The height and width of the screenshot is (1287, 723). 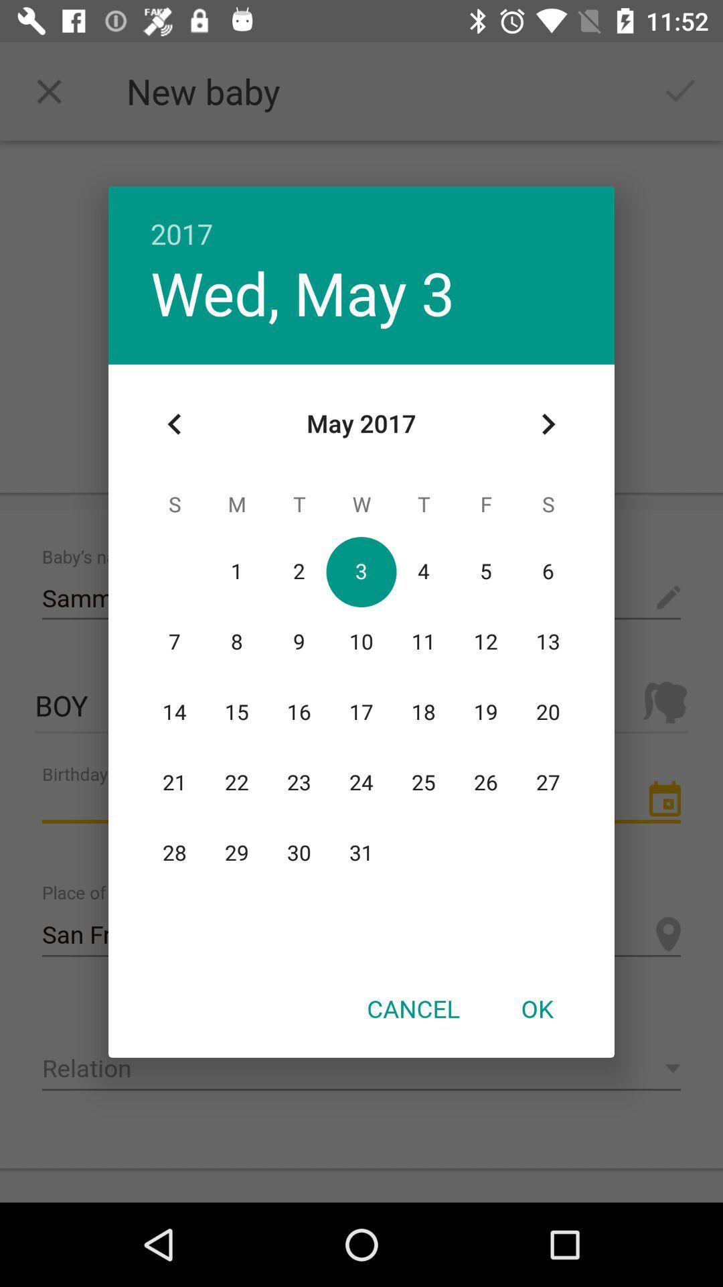 What do you see at coordinates (548, 424) in the screenshot?
I see `icon at the top right corner` at bounding box center [548, 424].